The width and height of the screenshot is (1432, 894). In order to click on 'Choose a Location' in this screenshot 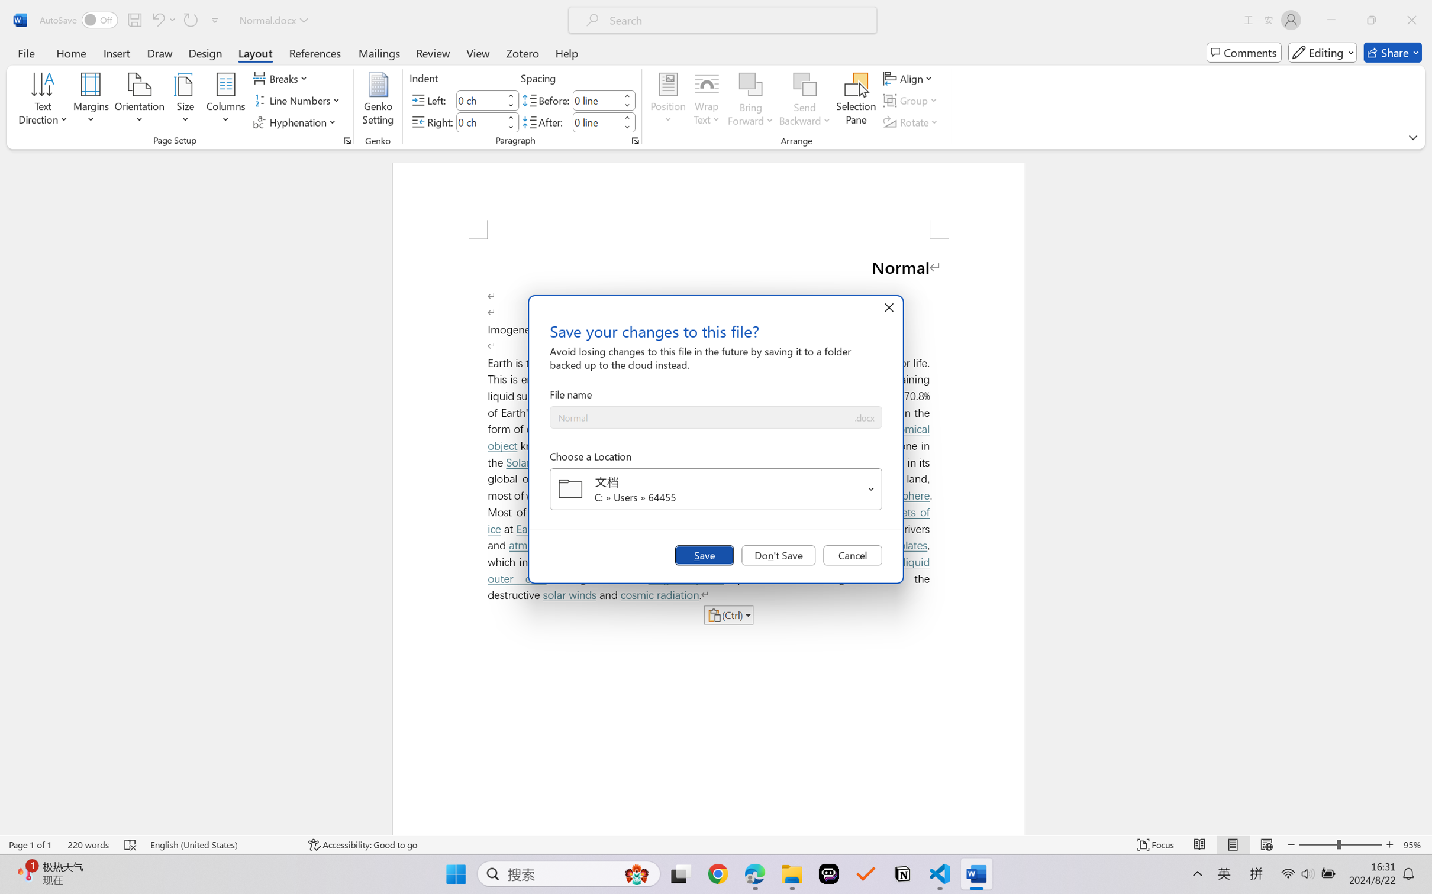, I will do `click(716, 489)`.